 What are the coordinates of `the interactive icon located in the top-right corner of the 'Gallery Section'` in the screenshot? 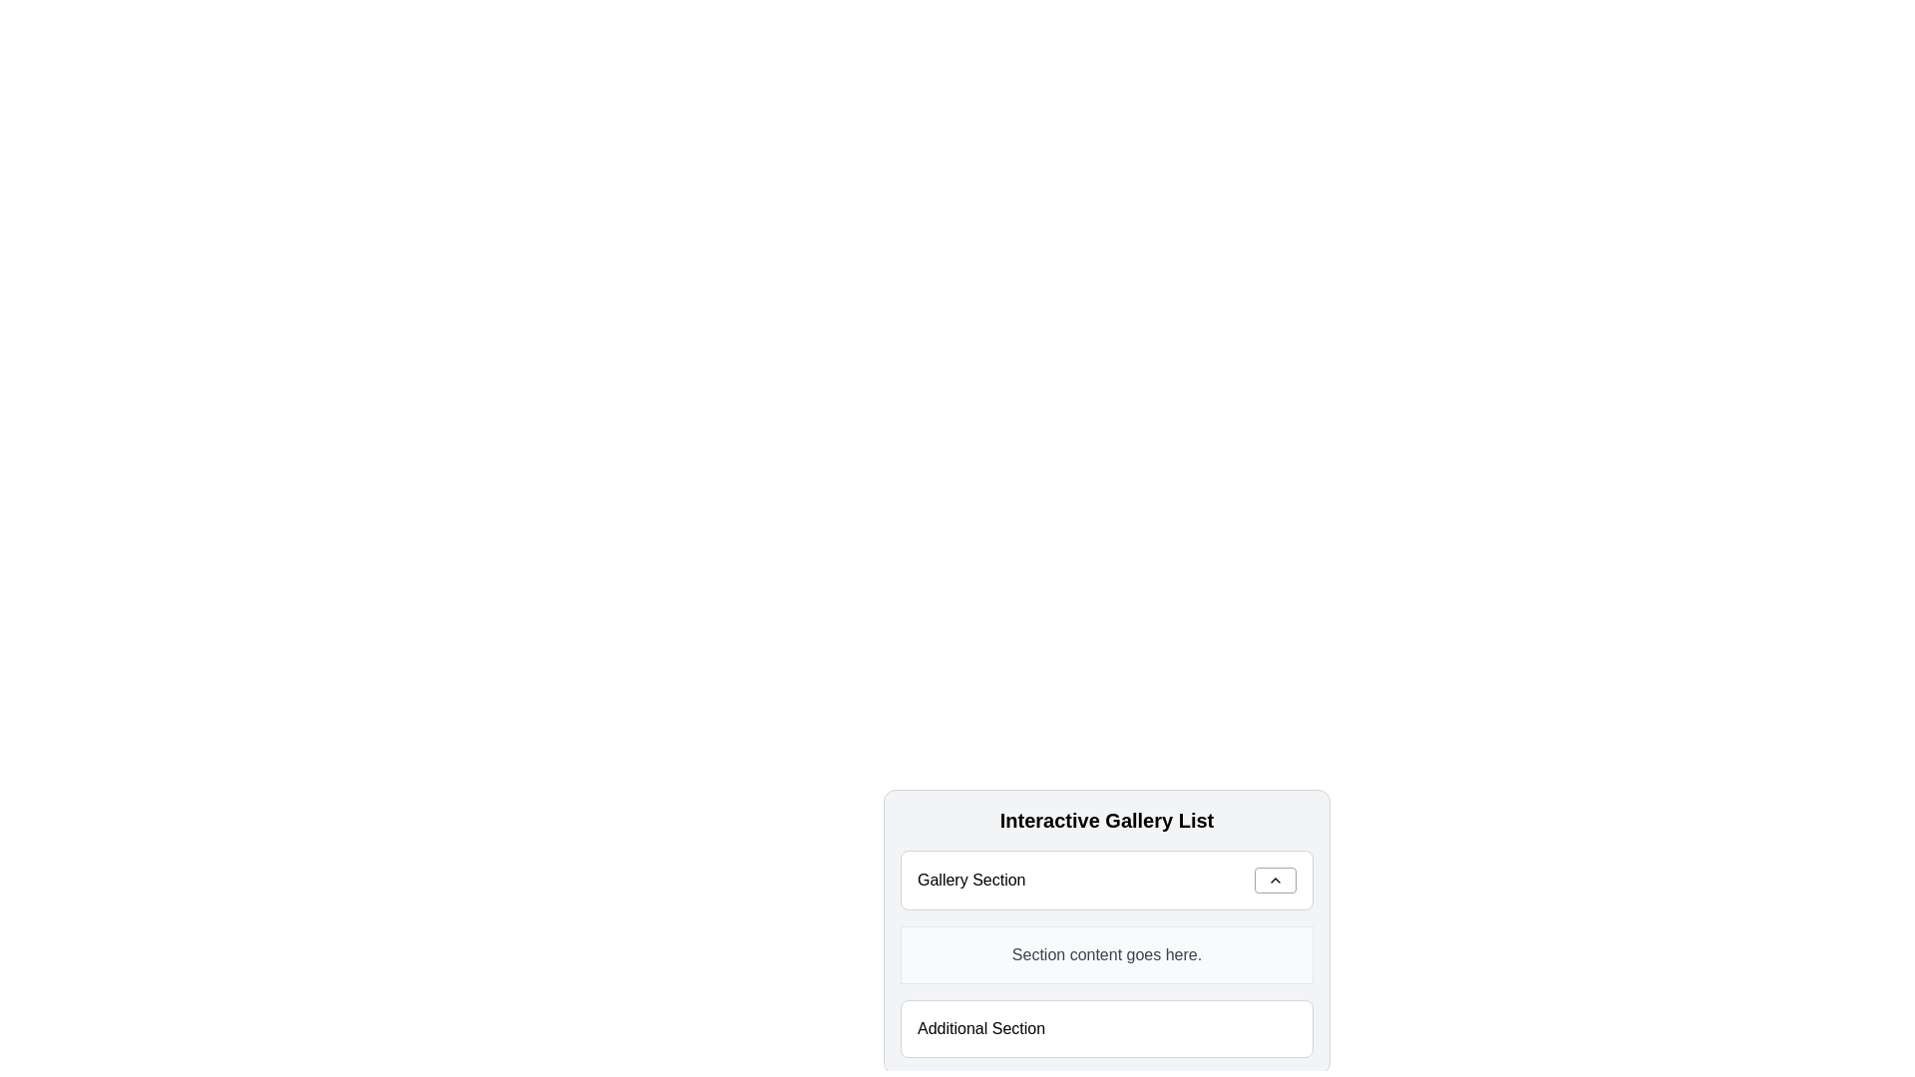 It's located at (1274, 880).